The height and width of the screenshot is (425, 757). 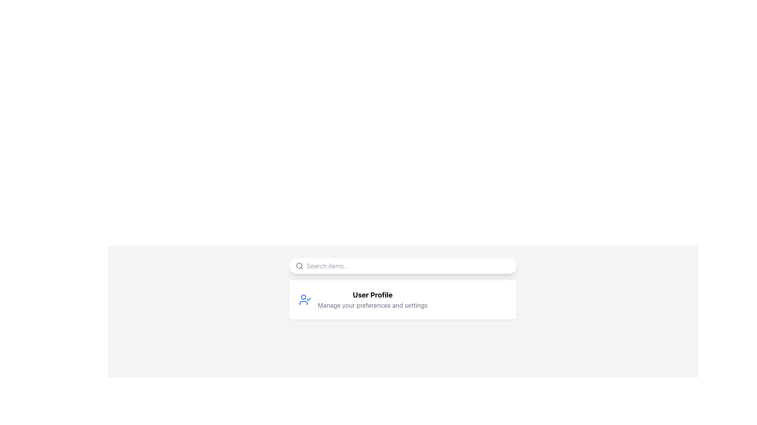 I want to click on the user icon with a checkmark styled in blue, located to the left of the 'User Profile' text, so click(x=304, y=300).